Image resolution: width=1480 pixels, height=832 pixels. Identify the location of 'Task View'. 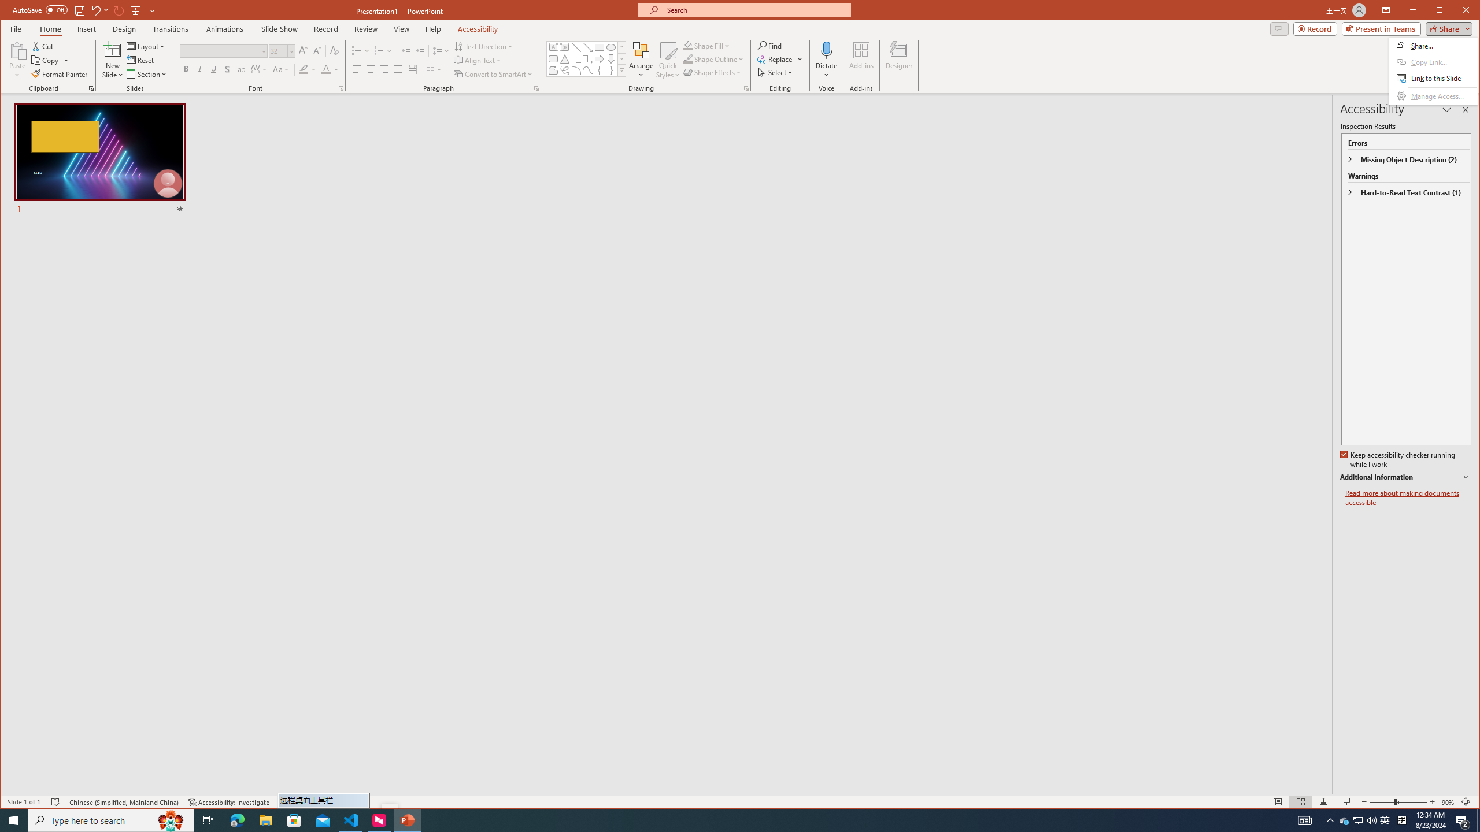
(207, 819).